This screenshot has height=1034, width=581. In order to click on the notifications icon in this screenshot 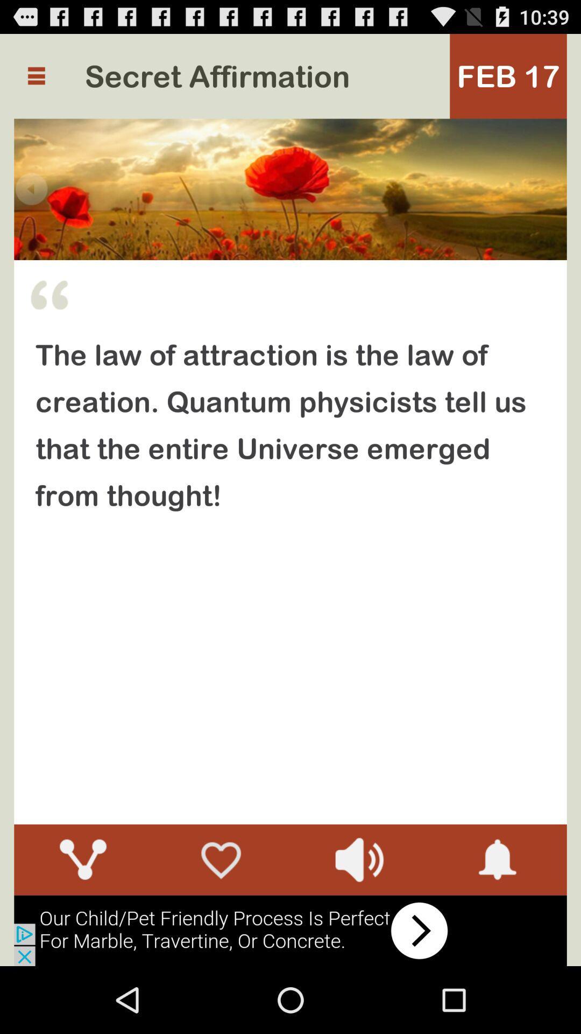, I will do `click(498, 919)`.